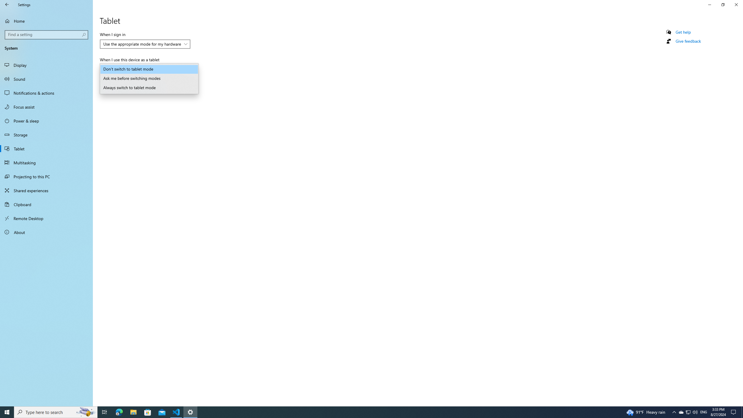  I want to click on 'Use the appropriate mode for my hardware', so click(142, 44).